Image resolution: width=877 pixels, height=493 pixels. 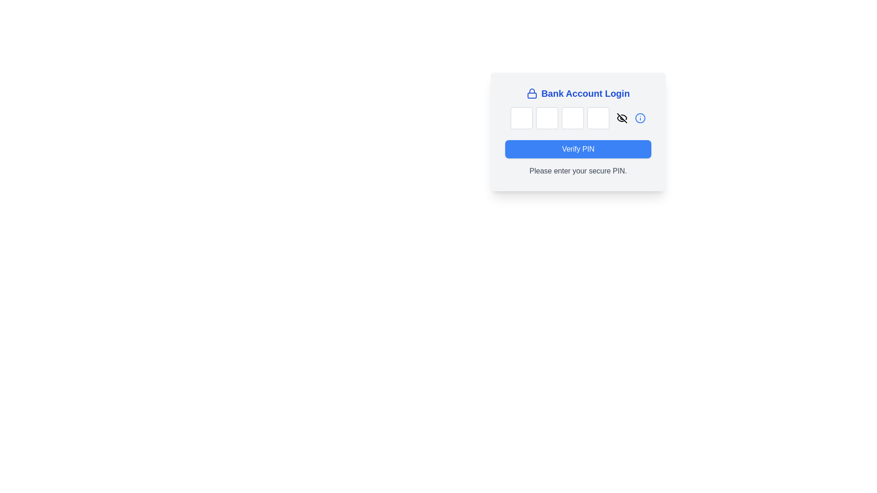 I want to click on the Lock body icon element, which is a rectangular shape with rounded corners representing the lower part of a lock, located above the 'Bank Account Login' title, so click(x=532, y=95).